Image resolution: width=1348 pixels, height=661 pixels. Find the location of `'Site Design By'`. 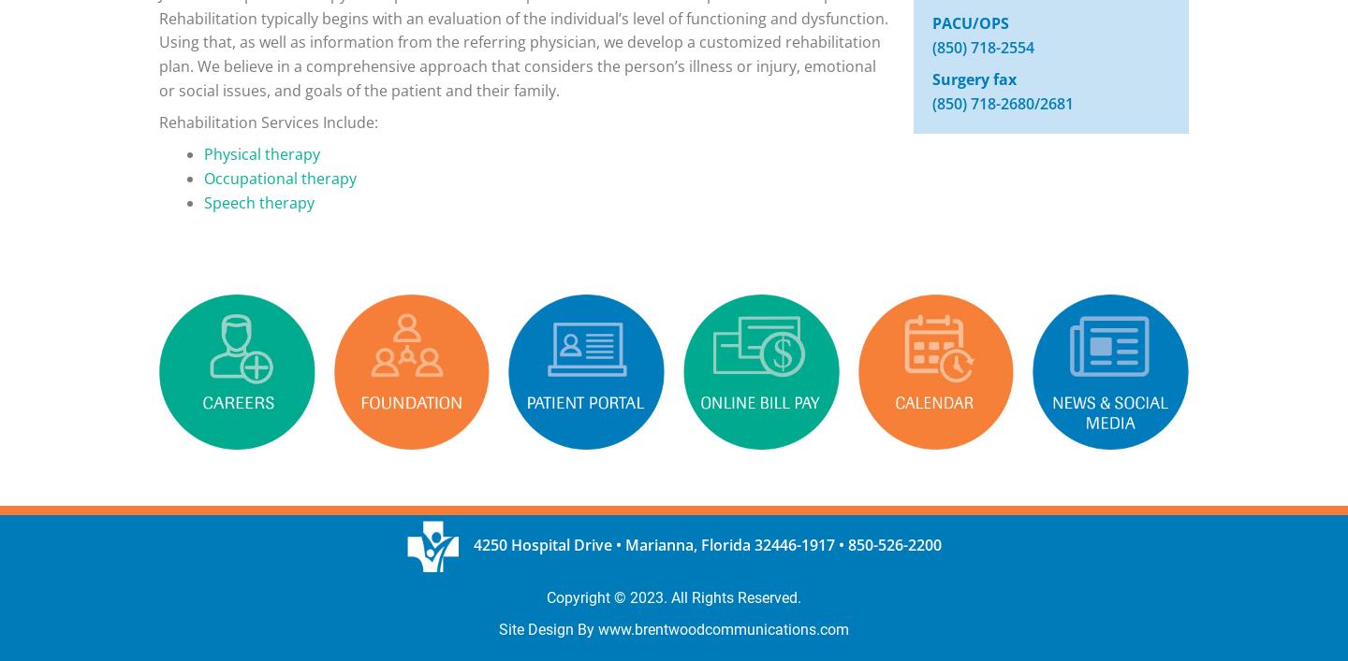

'Site Design By' is located at coordinates (548, 628).